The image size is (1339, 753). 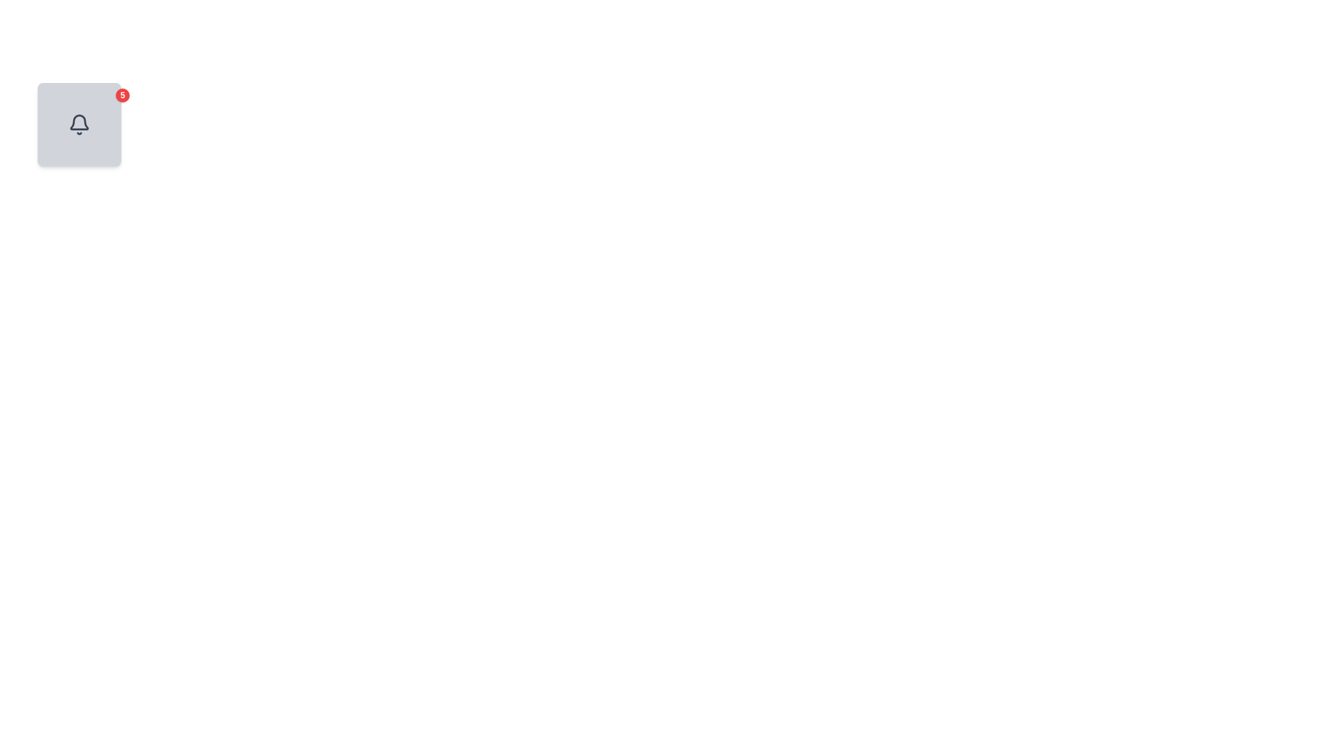 What do you see at coordinates (123, 95) in the screenshot?
I see `the count displayed on the badge located at the top-right corner of the notification bell icon` at bounding box center [123, 95].